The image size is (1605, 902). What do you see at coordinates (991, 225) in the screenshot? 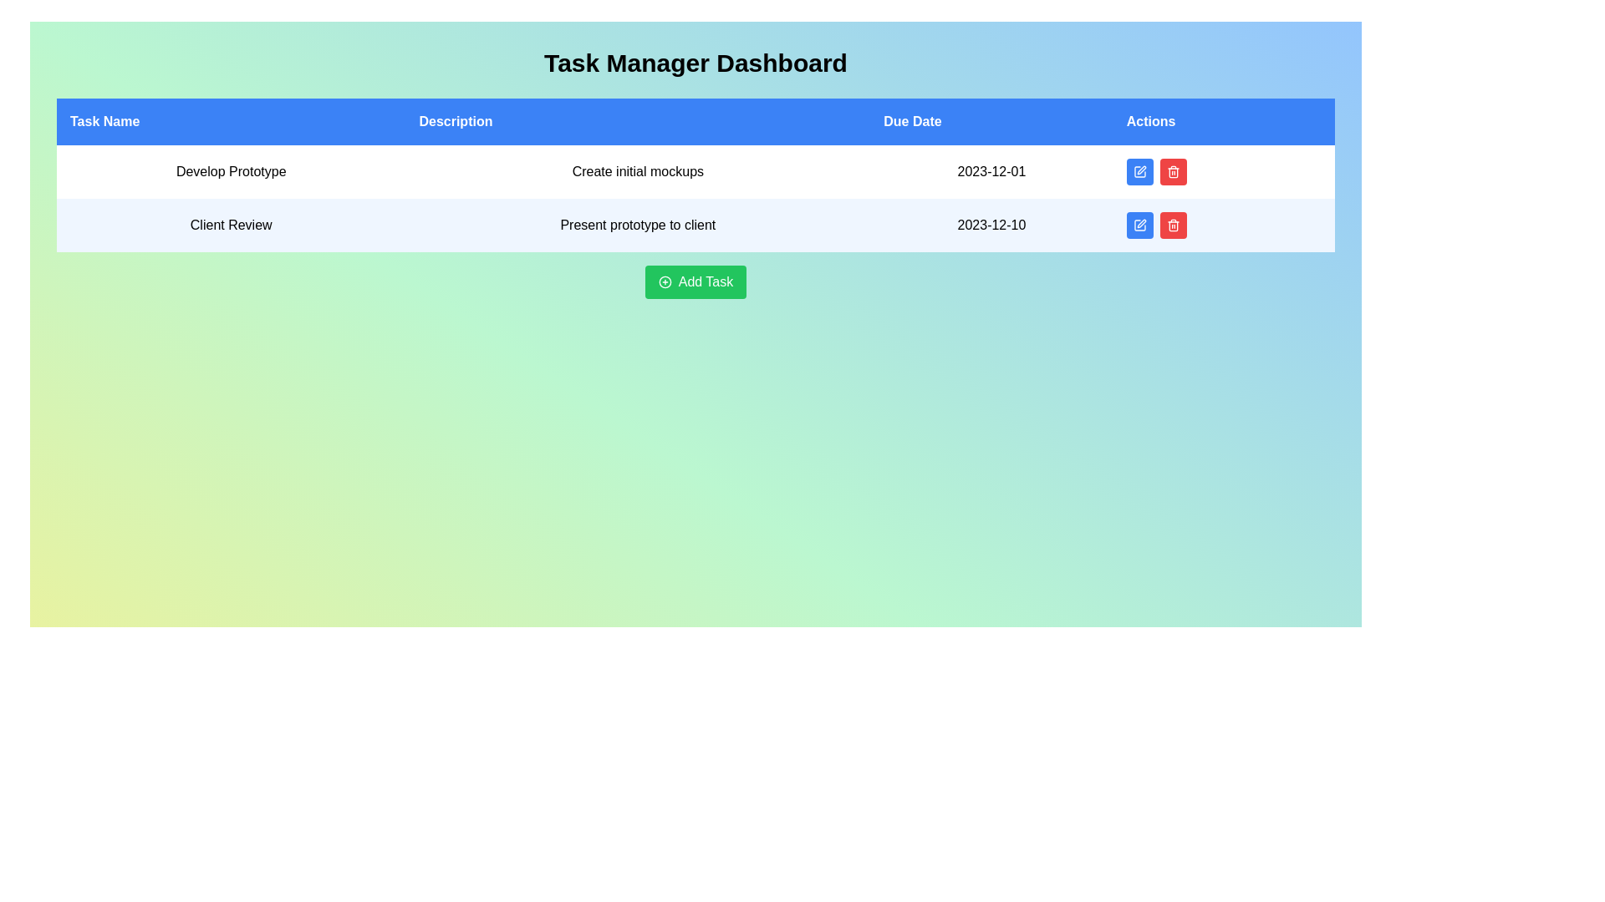
I see `the text display showing the due date for a task in the task management dashboard, located in the second row under the 'Due Date' header` at bounding box center [991, 225].